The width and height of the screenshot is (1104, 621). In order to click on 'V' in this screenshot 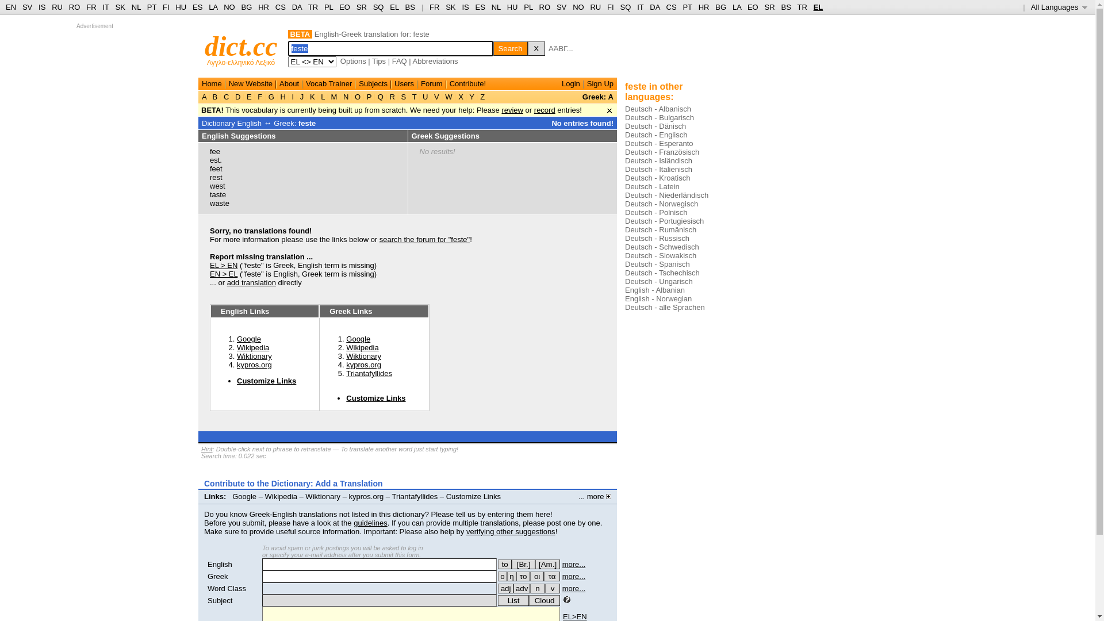, I will do `click(435, 96)`.